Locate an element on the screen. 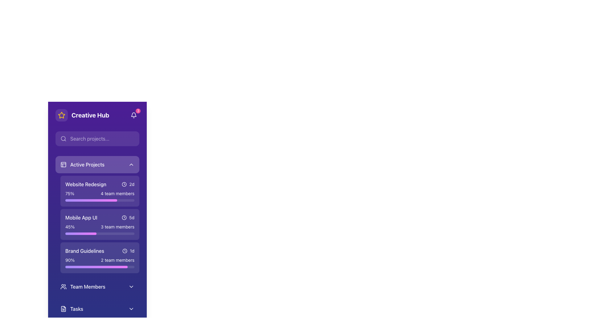 The width and height of the screenshot is (592, 333). the progress bar representing the 'Website Redesign' project, which shows 75% completion and is located beneath the '75%' and '4 team members' text in the 'Active Projects' tab is located at coordinates (100, 200).